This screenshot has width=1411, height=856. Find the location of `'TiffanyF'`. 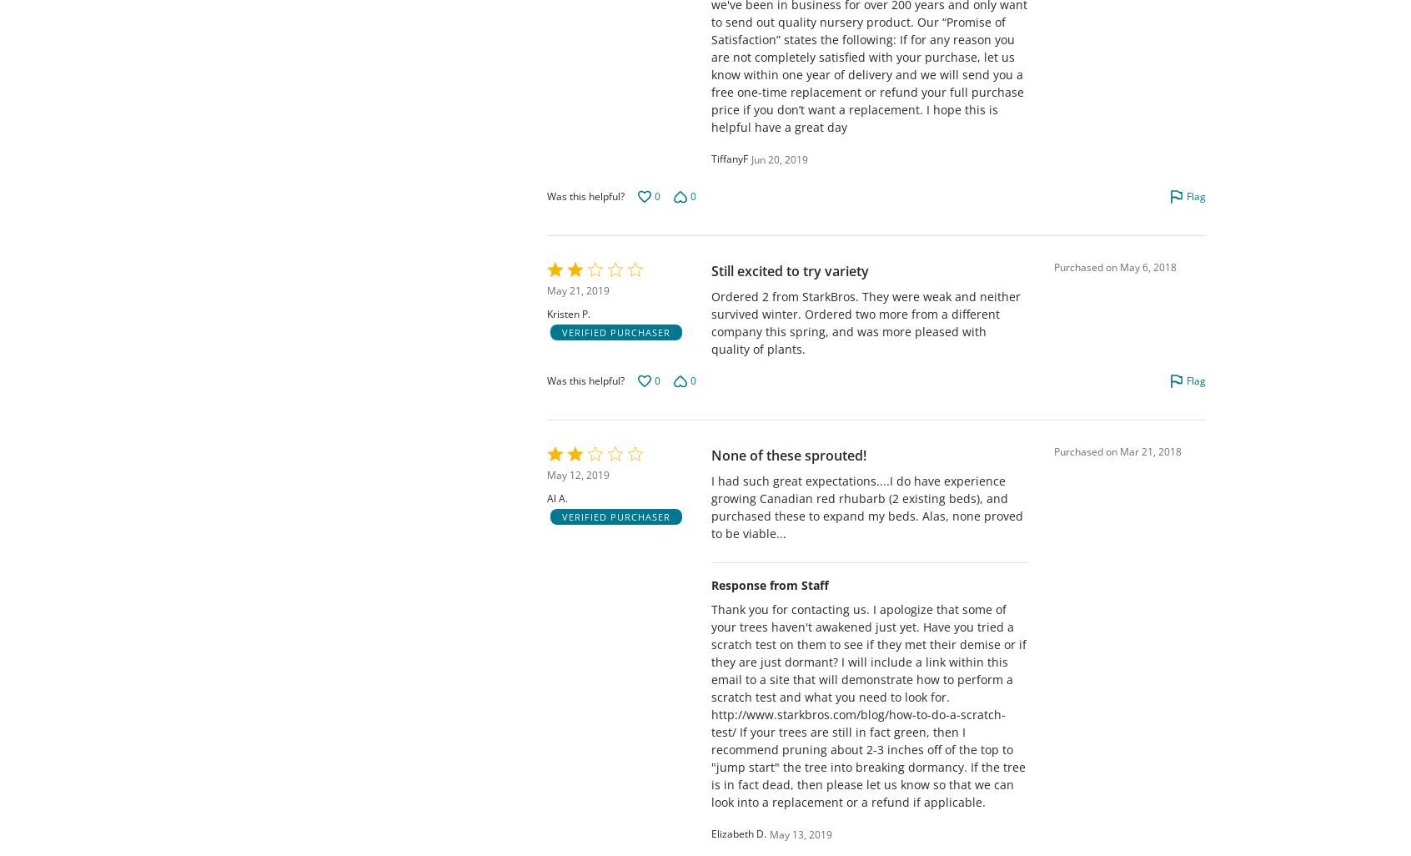

'TiffanyF' is located at coordinates (728, 158).